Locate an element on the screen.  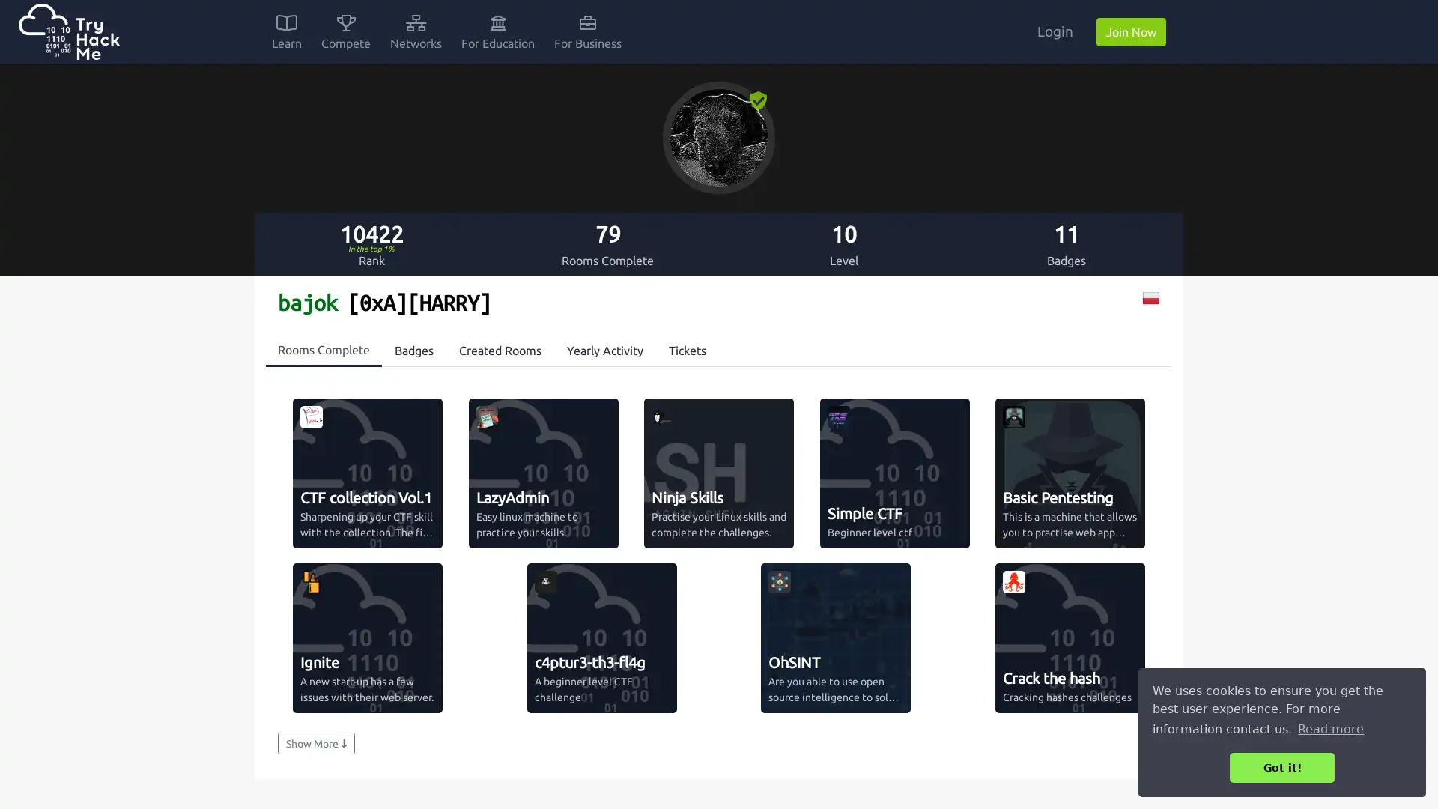
Show More is located at coordinates (315, 743).